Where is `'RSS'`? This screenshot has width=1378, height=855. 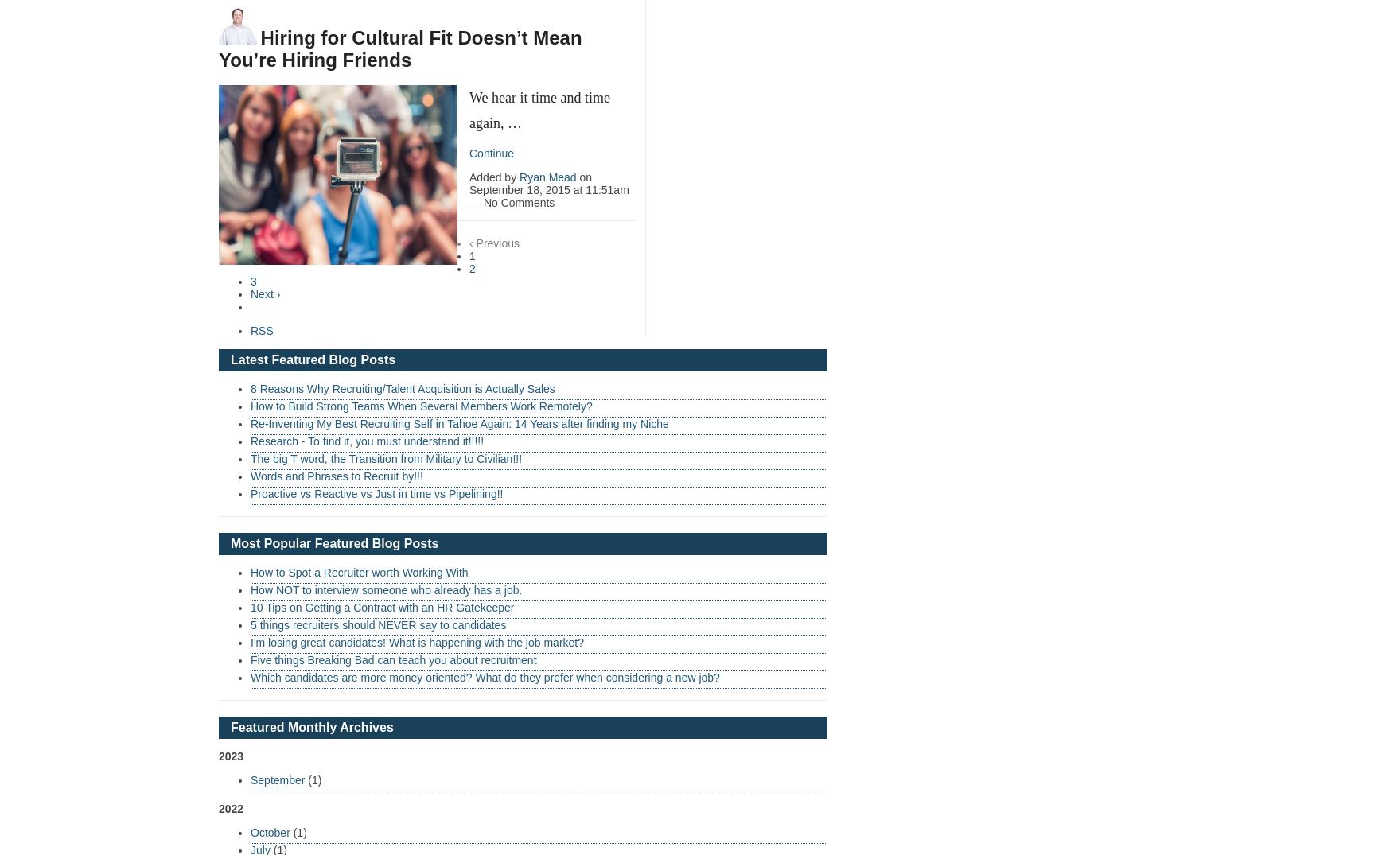
'RSS' is located at coordinates (261, 328).